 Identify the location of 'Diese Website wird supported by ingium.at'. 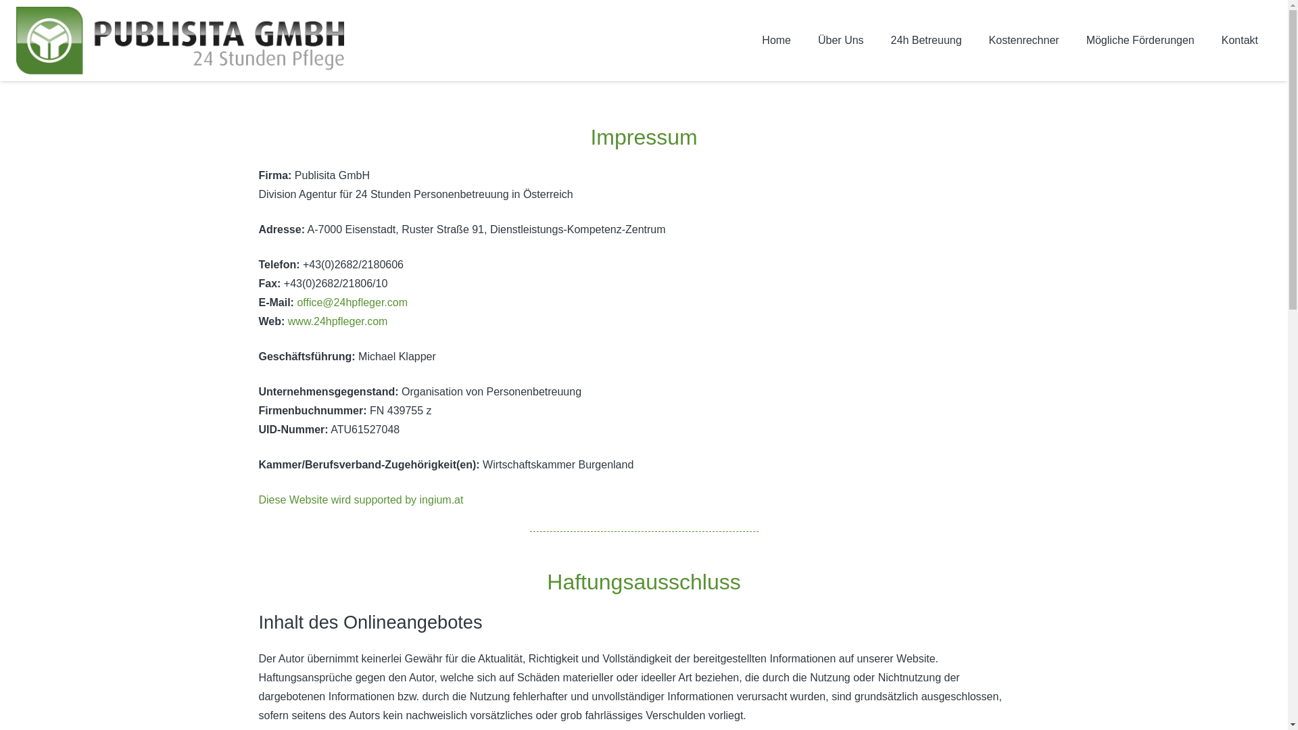
(360, 500).